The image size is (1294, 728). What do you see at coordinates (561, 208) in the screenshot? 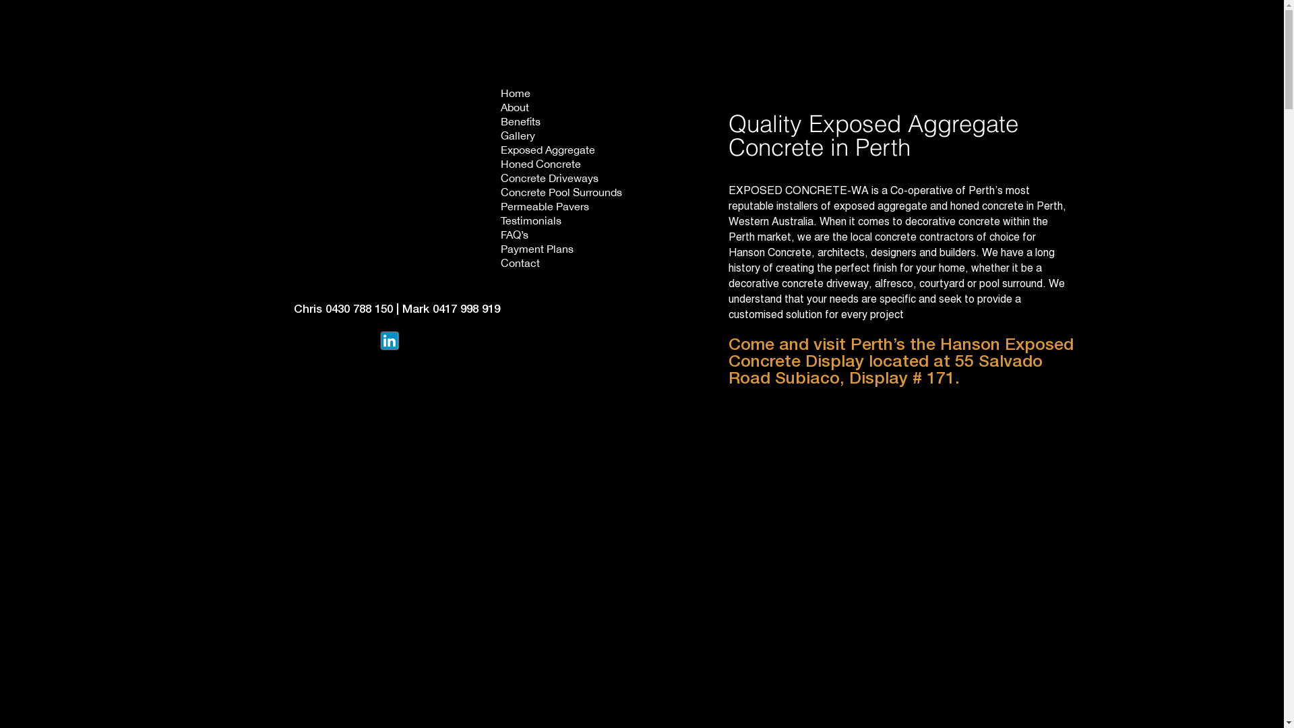
I see `'Permeable Pavers'` at bounding box center [561, 208].